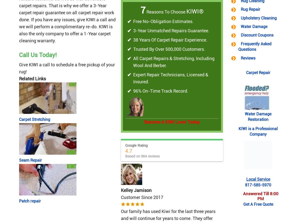 This screenshot has height=222, width=301. Describe the element at coordinates (258, 185) in the screenshot. I see `'817-585-5970'` at that location.